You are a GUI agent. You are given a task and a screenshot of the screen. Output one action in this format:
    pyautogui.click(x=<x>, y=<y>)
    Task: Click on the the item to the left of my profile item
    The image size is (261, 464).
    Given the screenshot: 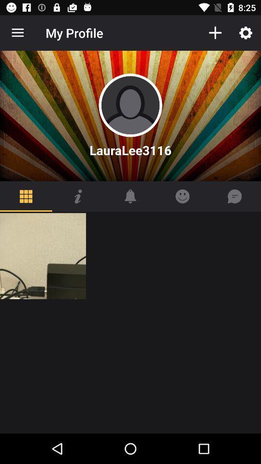 What is the action you would take?
    pyautogui.click(x=17, y=33)
    